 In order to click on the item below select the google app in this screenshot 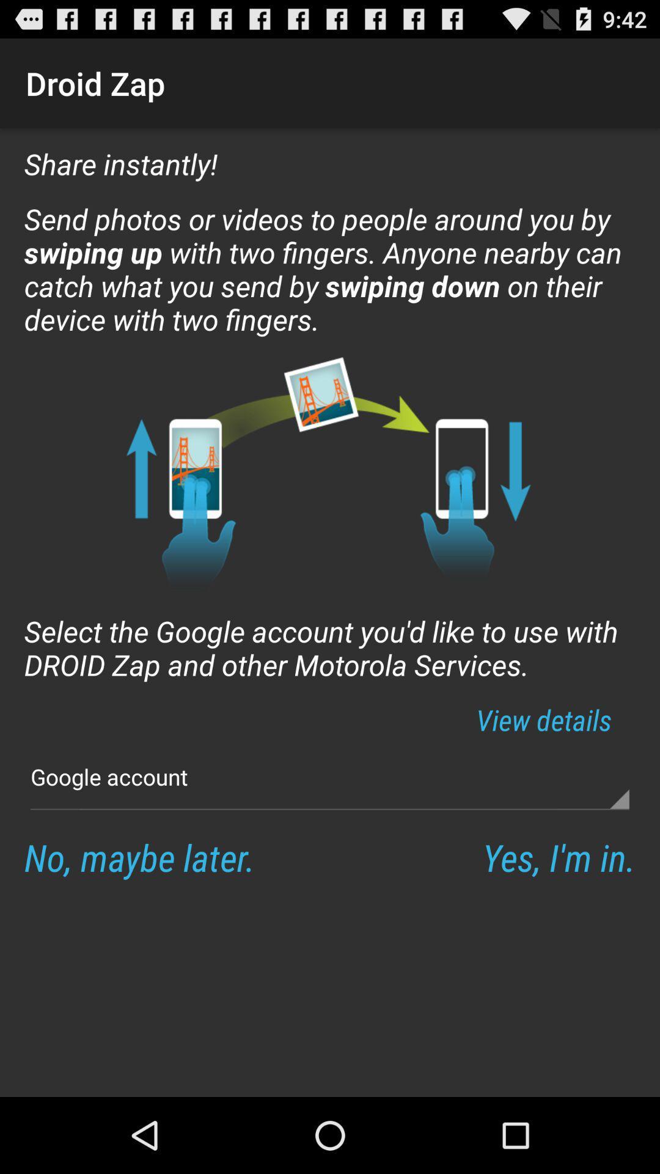, I will do `click(543, 720)`.